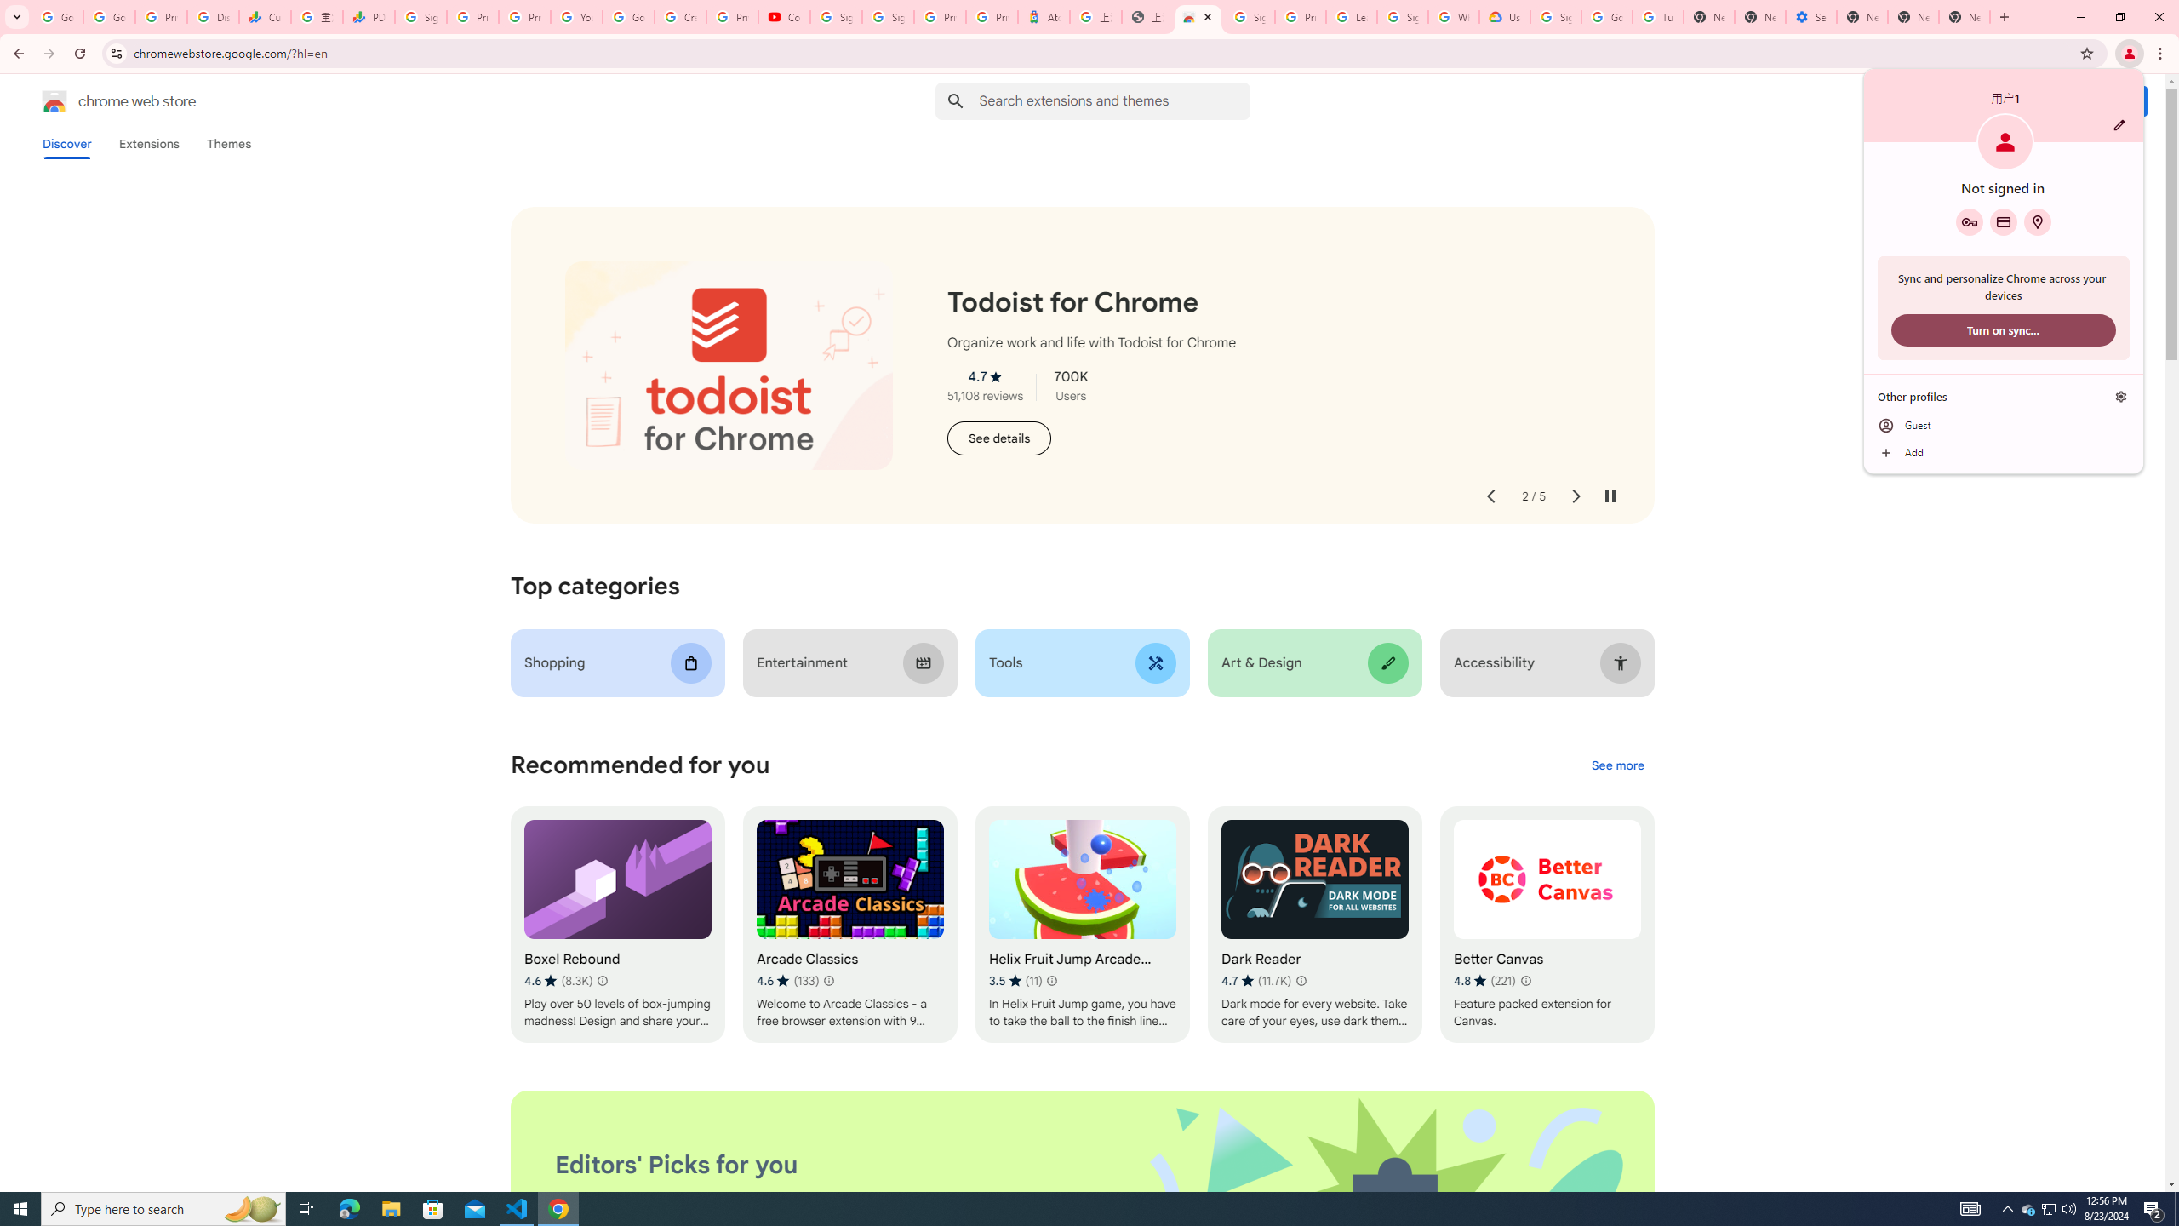  Describe the element at coordinates (1524, 981) in the screenshot. I see `'Learn more about results and reviews "Better Canvas"'` at that location.